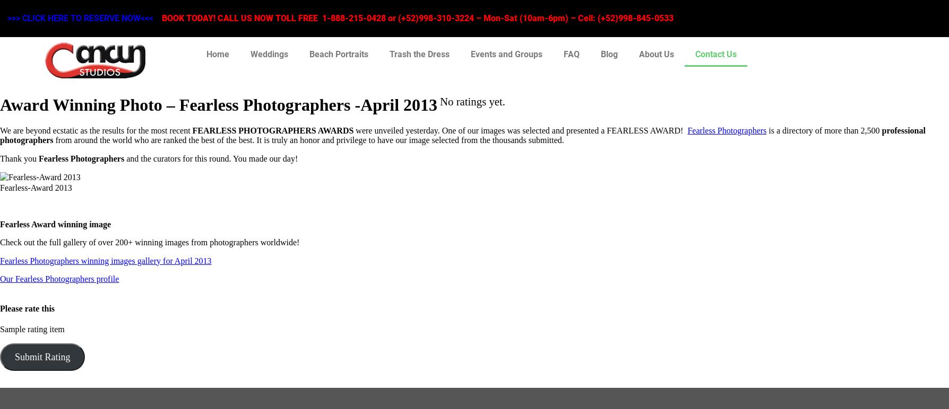  I want to click on 'No ratings yet.', so click(472, 100).